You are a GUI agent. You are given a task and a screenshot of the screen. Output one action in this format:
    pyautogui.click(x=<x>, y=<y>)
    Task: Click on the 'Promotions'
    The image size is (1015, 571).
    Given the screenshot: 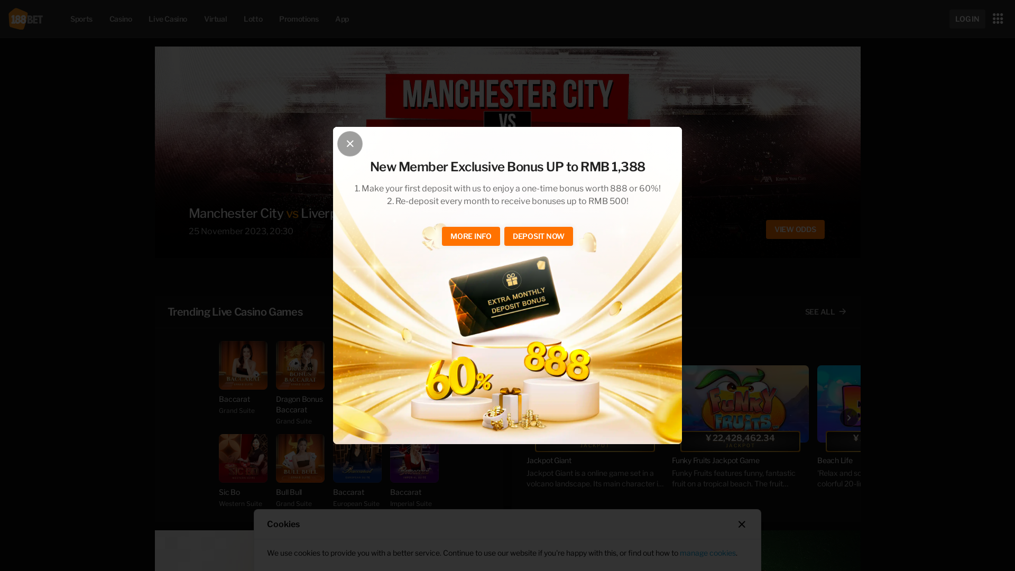 What is the action you would take?
    pyautogui.click(x=271, y=18)
    